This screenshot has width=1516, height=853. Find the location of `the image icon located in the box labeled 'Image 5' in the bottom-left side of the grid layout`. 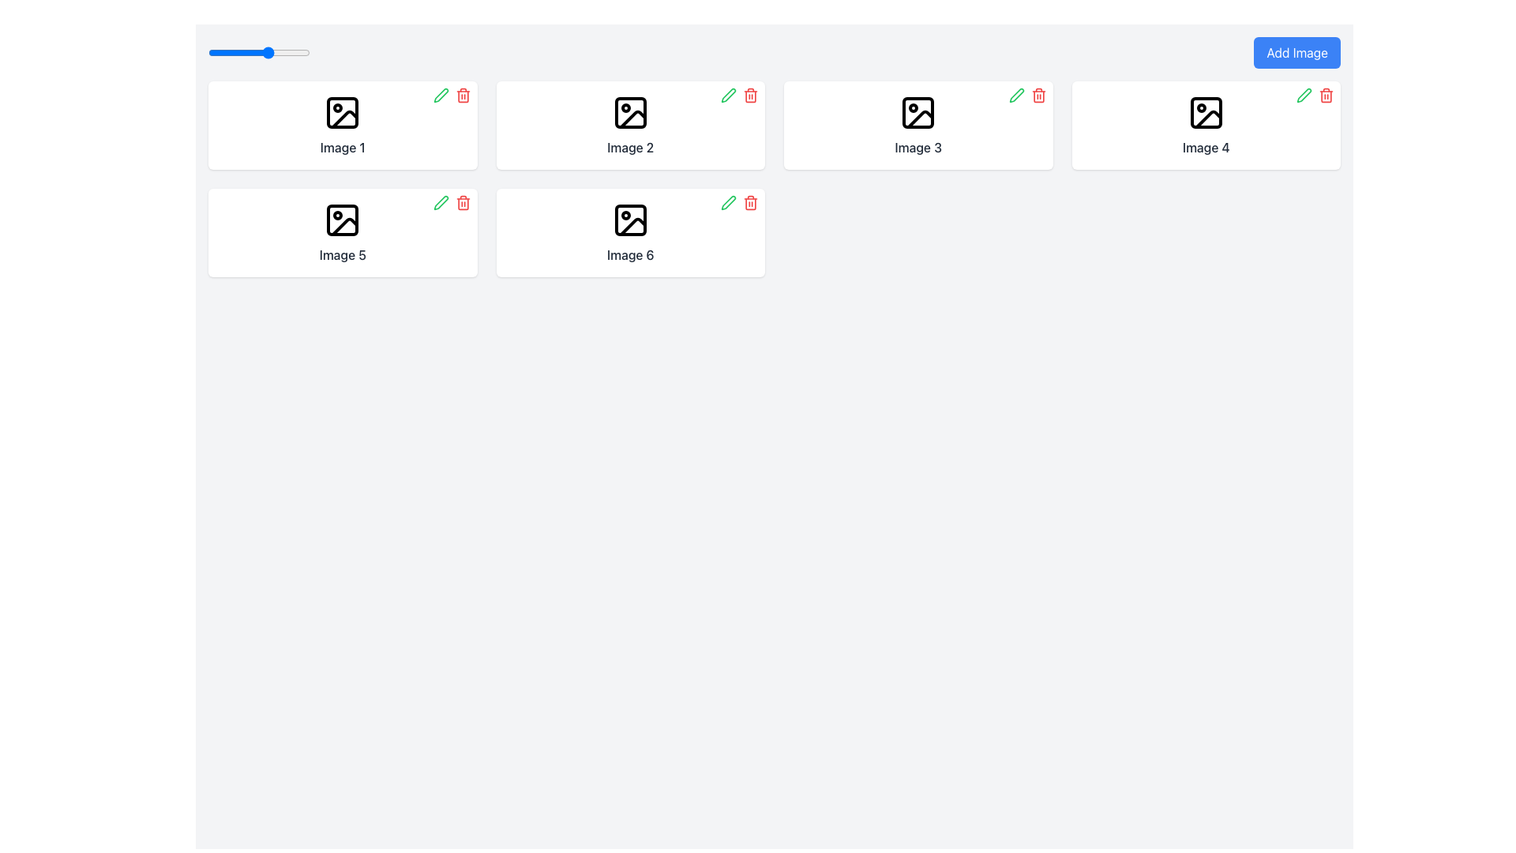

the image icon located in the box labeled 'Image 5' in the bottom-left side of the grid layout is located at coordinates (342, 220).